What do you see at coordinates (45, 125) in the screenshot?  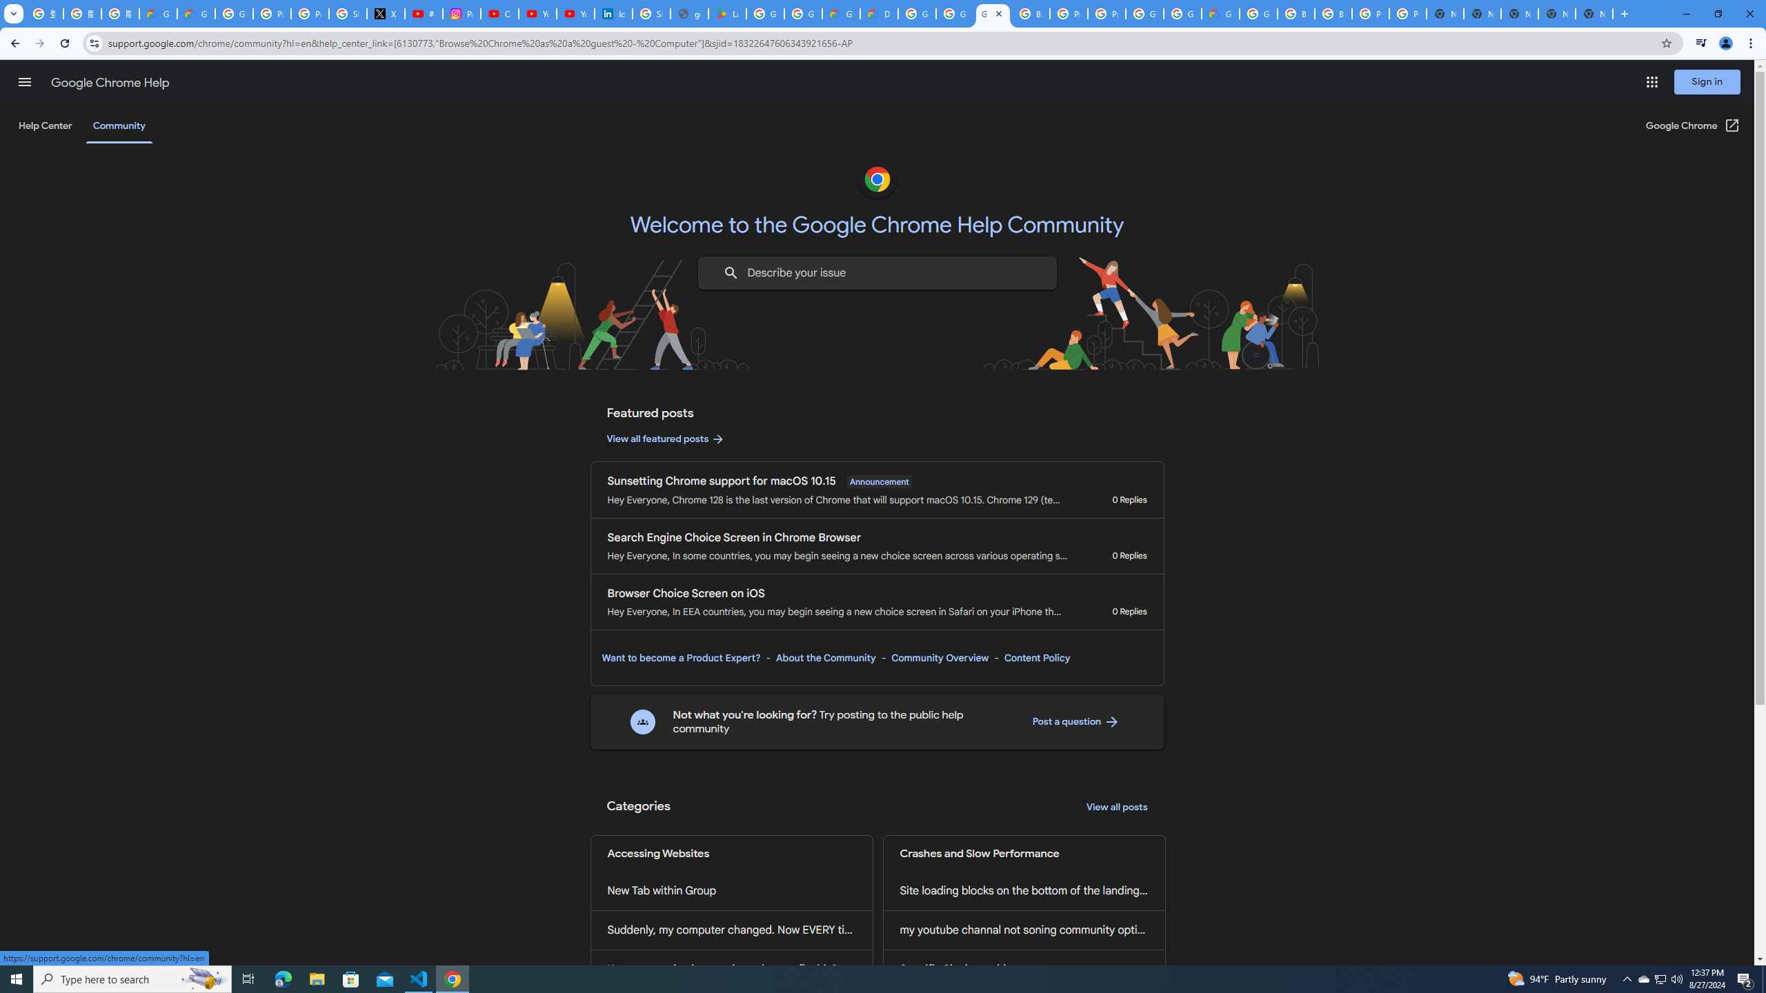 I see `'Help Center'` at bounding box center [45, 125].